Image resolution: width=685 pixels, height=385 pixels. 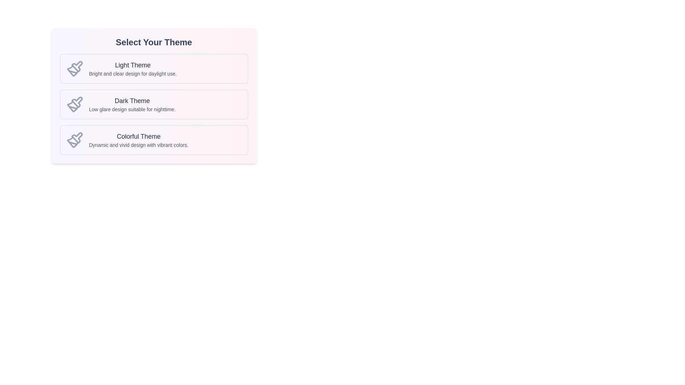 I want to click on the paintbrush icon outlined in gray located on the left side of the 'Colorful Theme' card, so click(x=75, y=140).